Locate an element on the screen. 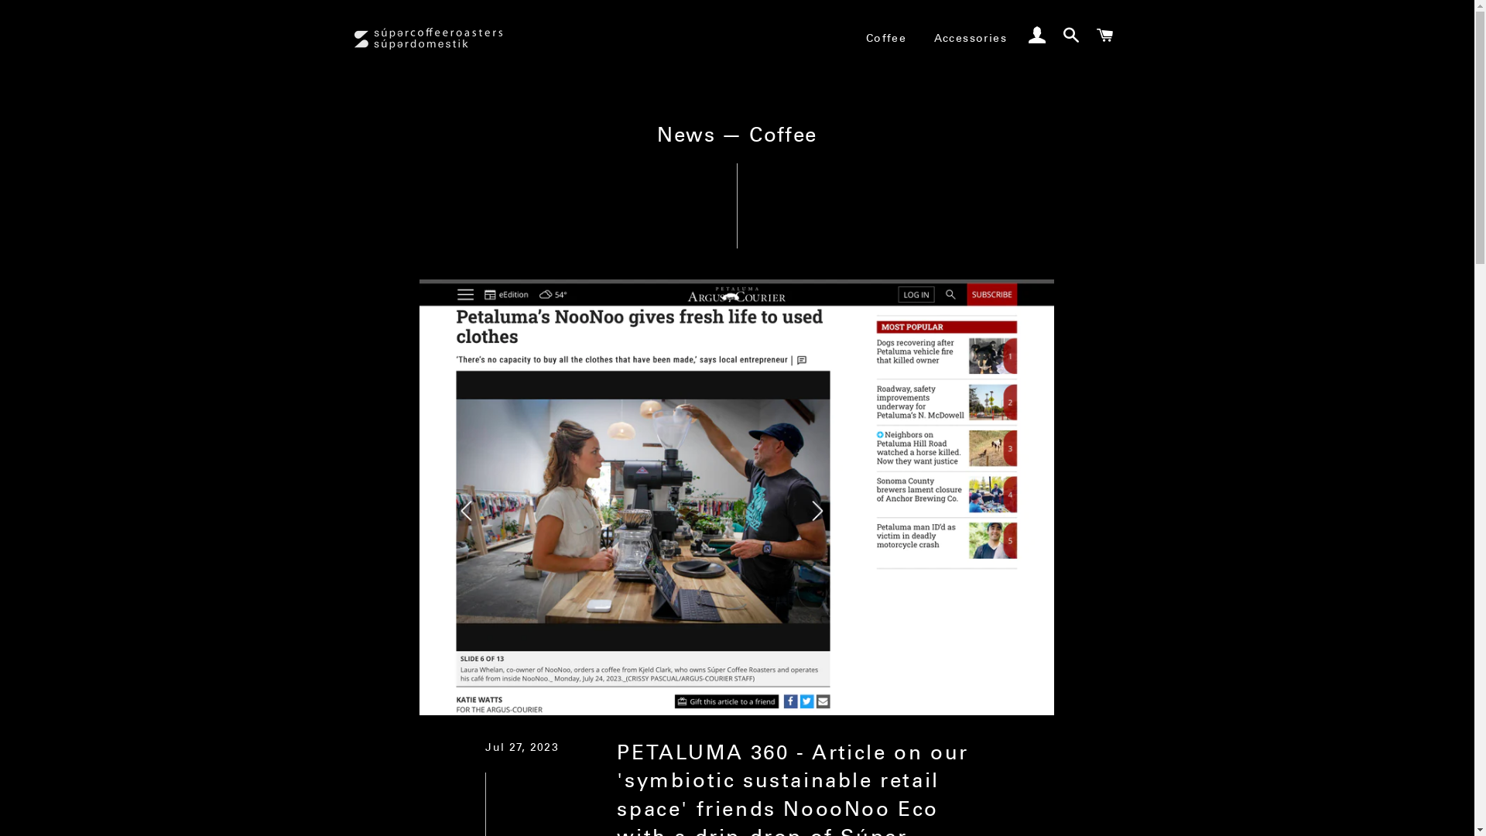 This screenshot has width=1486, height=836. 'Coffee' is located at coordinates (886, 38).